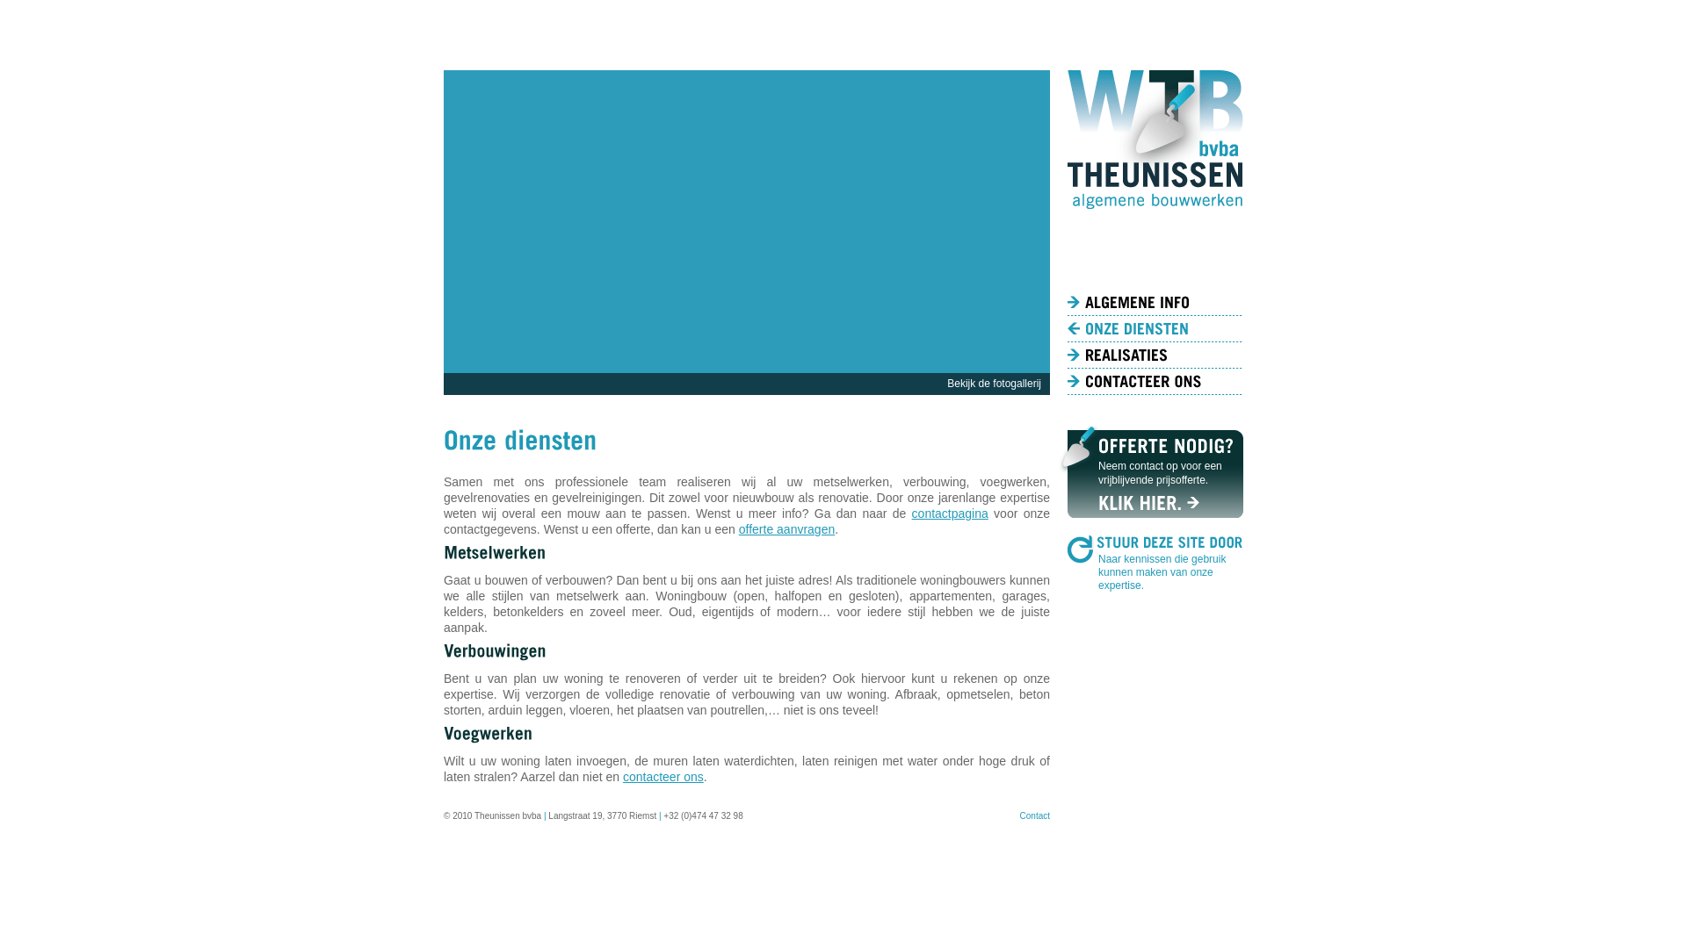 Image resolution: width=1687 pixels, height=948 pixels. Describe the element at coordinates (1155, 328) in the screenshot. I see `'Onze diensten'` at that location.